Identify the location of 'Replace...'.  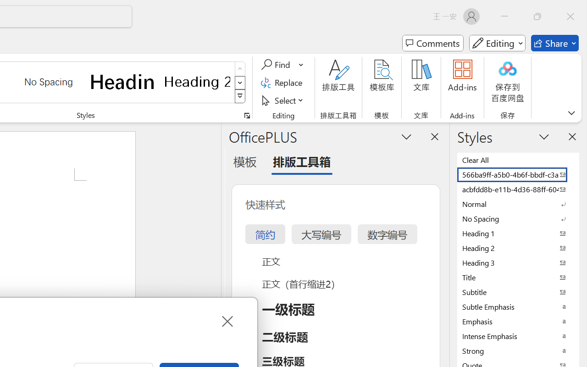
(282, 82).